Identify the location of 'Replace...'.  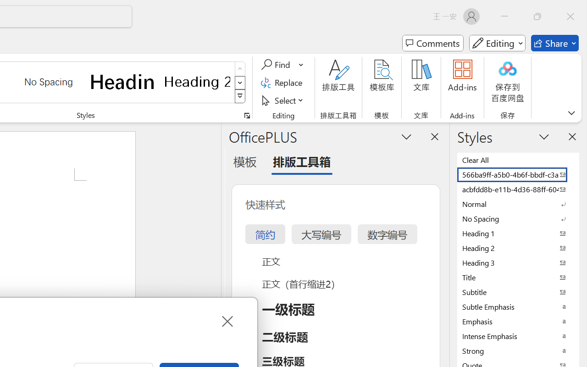
(282, 82).